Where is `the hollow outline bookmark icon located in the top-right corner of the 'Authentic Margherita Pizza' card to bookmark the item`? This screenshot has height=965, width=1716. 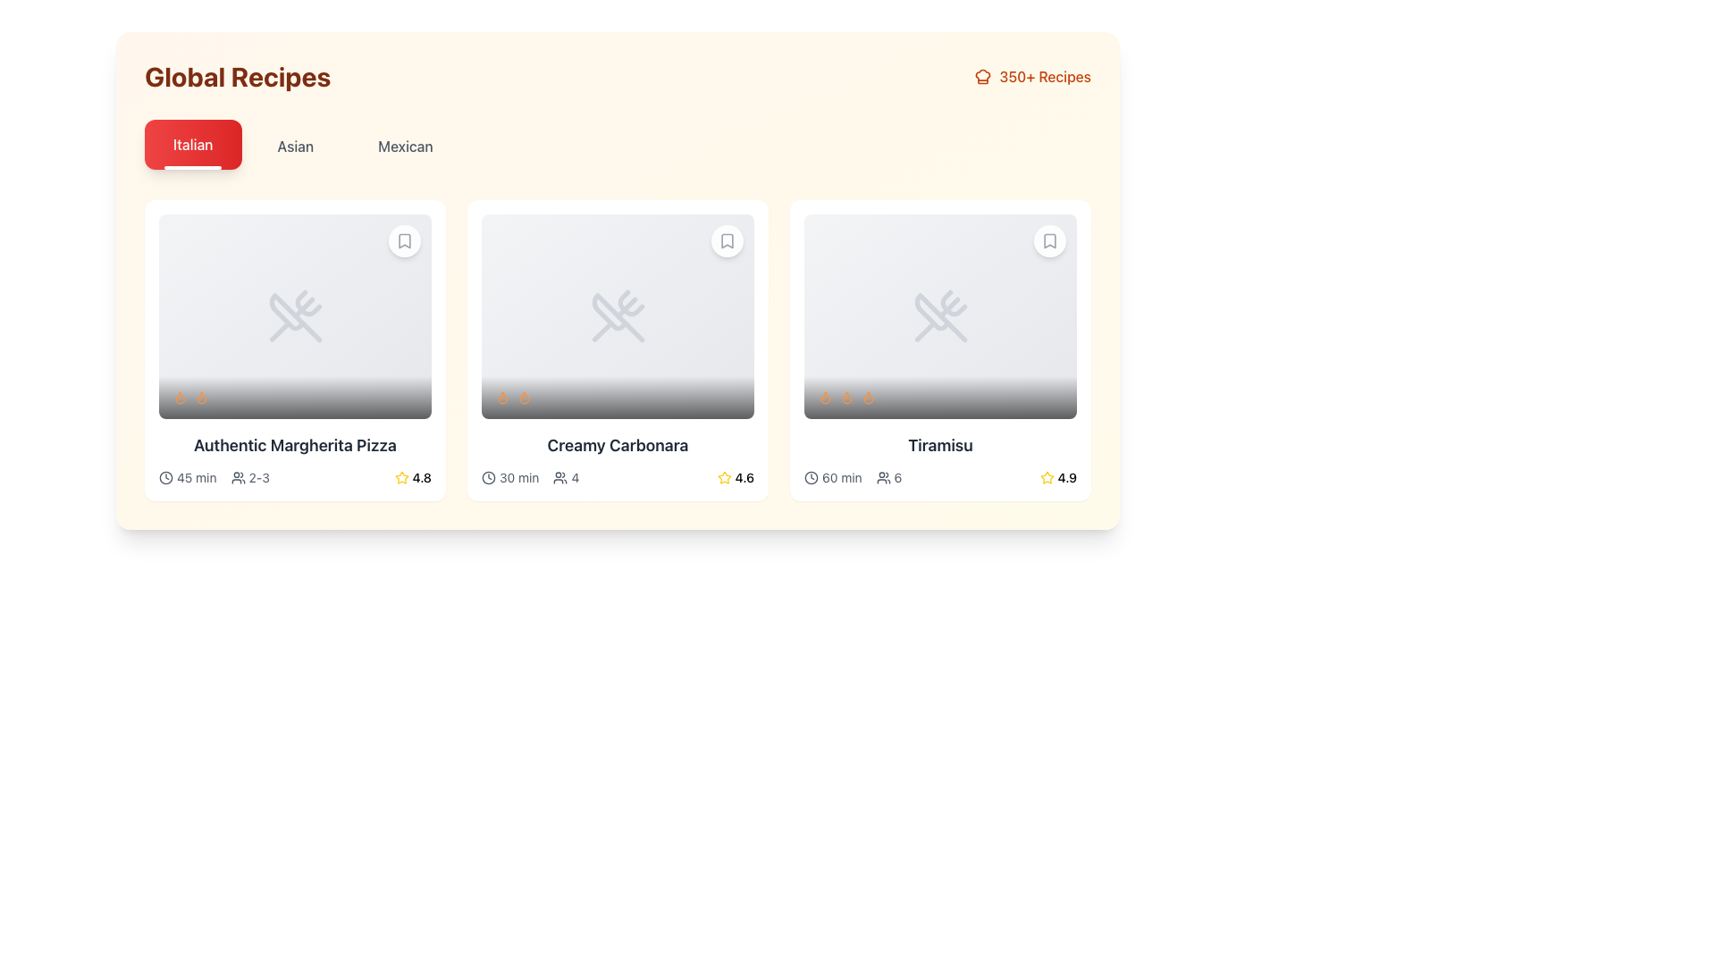
the hollow outline bookmark icon located in the top-right corner of the 'Authentic Margherita Pizza' card to bookmark the item is located at coordinates (403, 241).